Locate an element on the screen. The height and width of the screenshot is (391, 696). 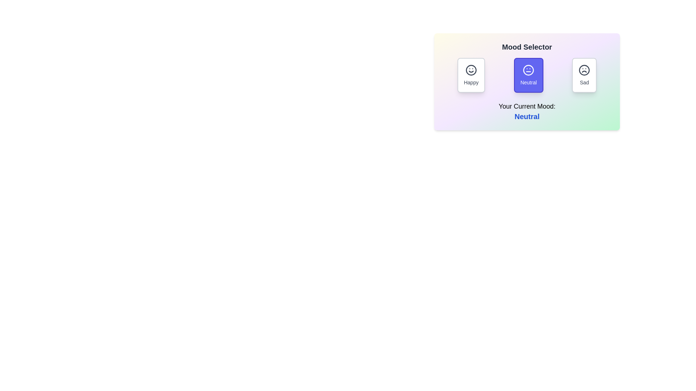
the text label displaying 'Your Current Mood:' which is a medium black font positioned below the mood buttons in the 'Mood Selector' interface is located at coordinates (527, 106).